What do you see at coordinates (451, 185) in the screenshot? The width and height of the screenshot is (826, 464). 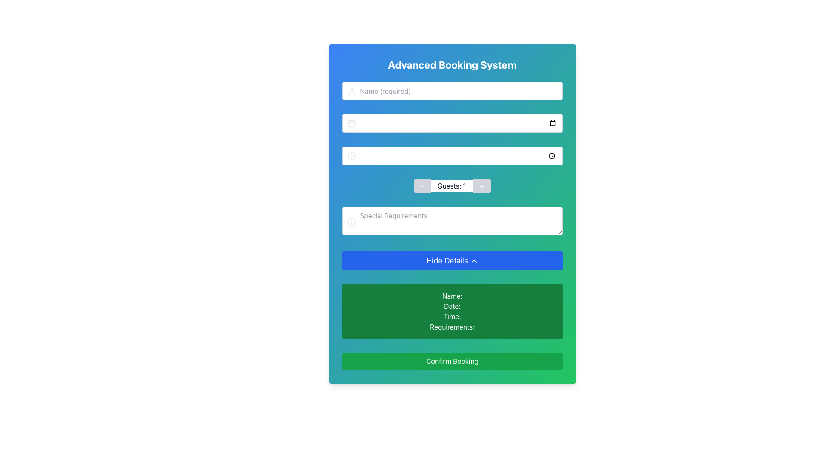 I see `the Text Label that displays the current value of guests selected in the booking system` at bounding box center [451, 185].